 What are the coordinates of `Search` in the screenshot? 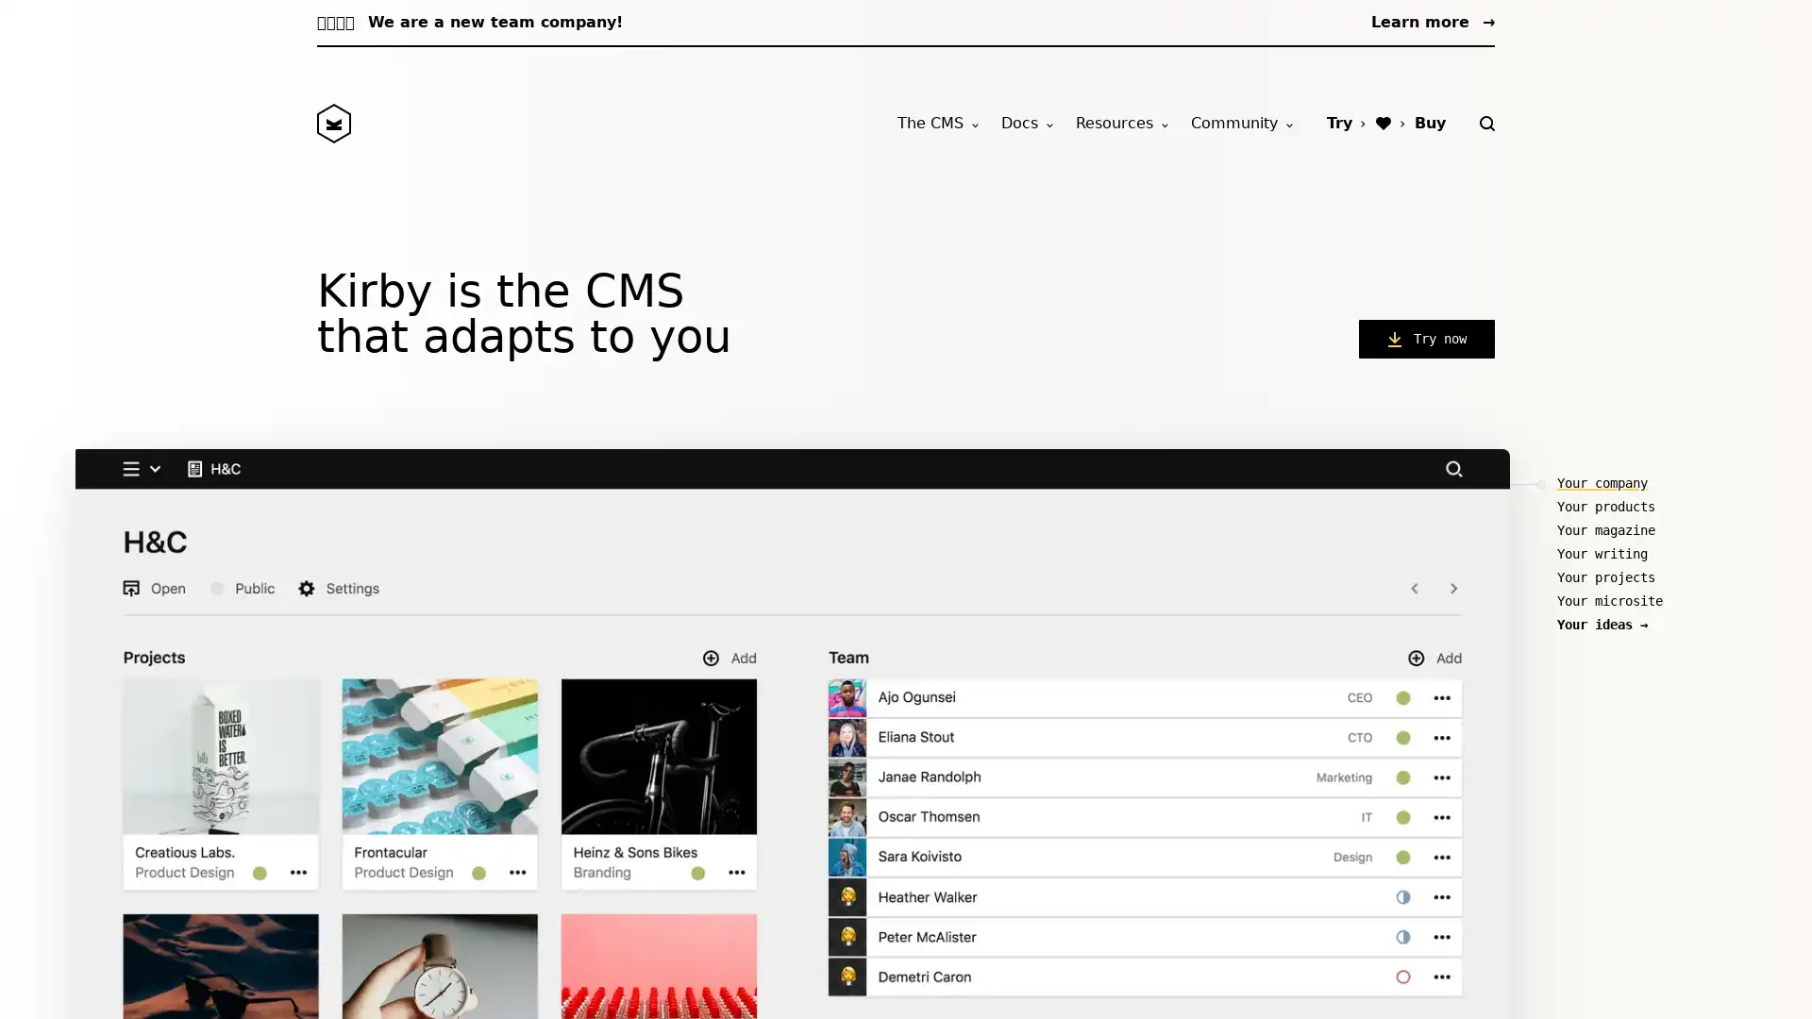 It's located at (1485, 124).